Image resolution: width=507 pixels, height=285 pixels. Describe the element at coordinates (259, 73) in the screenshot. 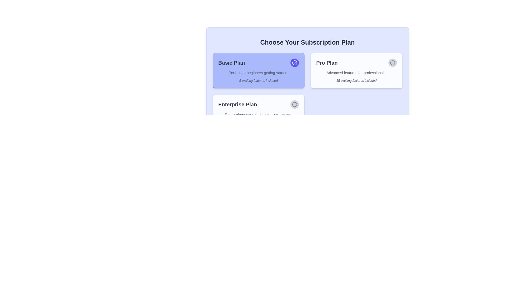

I see `text label providing a brief summary for the Basic Plan subscription located within the subscription plan card, beneath the title 'Basic Plan' and above the note '5 exciting features included'` at that location.